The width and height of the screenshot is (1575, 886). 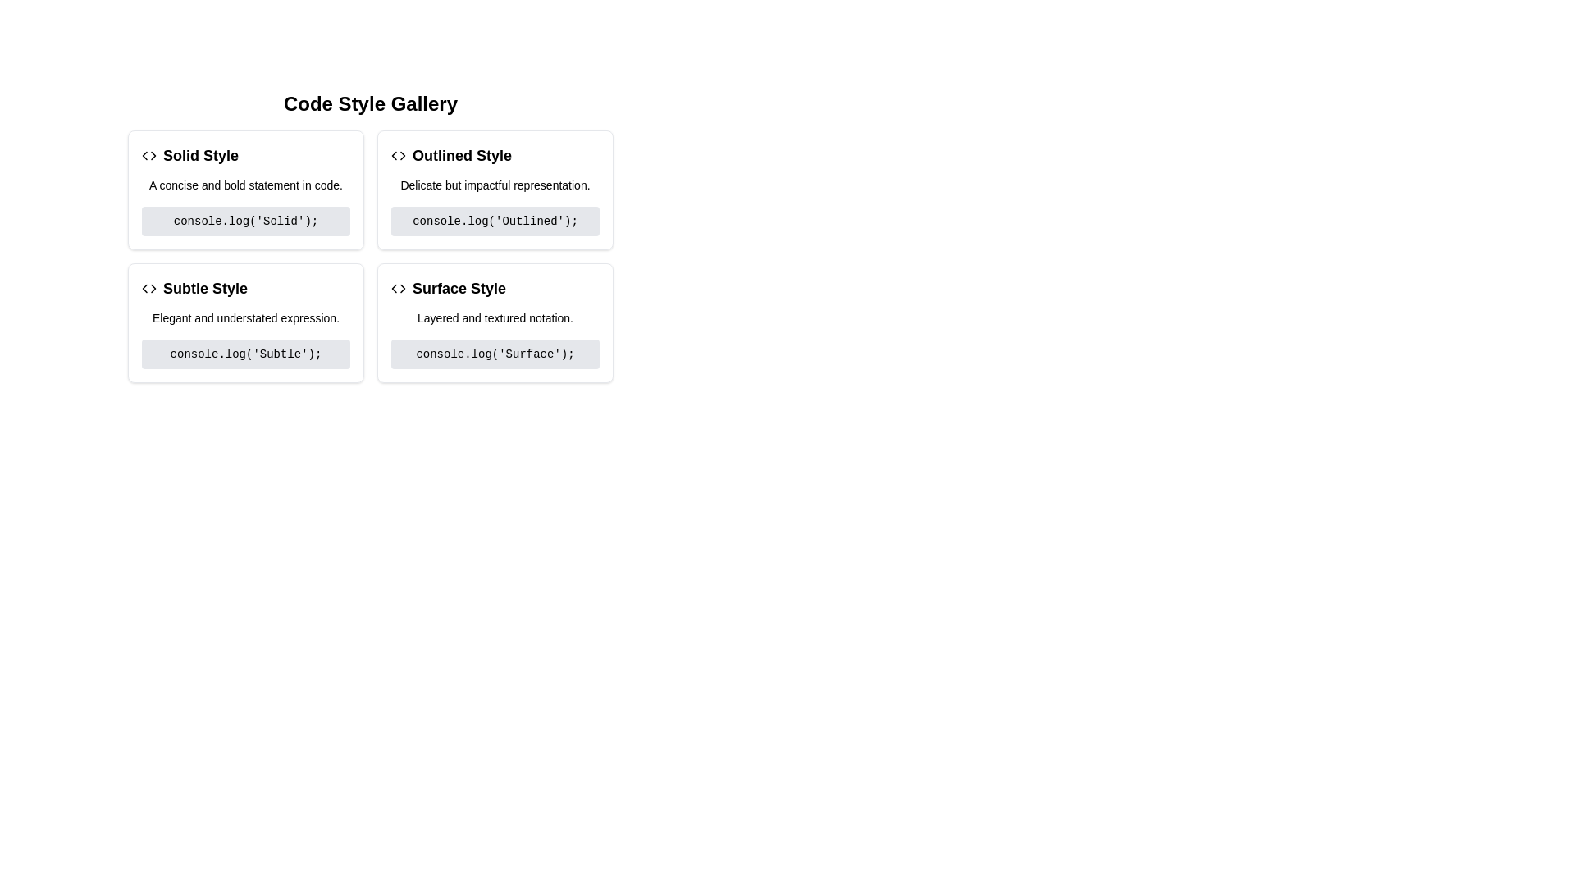 What do you see at coordinates (495, 185) in the screenshot?
I see `the descriptive subtitle text element located under the 'Outlined Style' header and above the code block` at bounding box center [495, 185].